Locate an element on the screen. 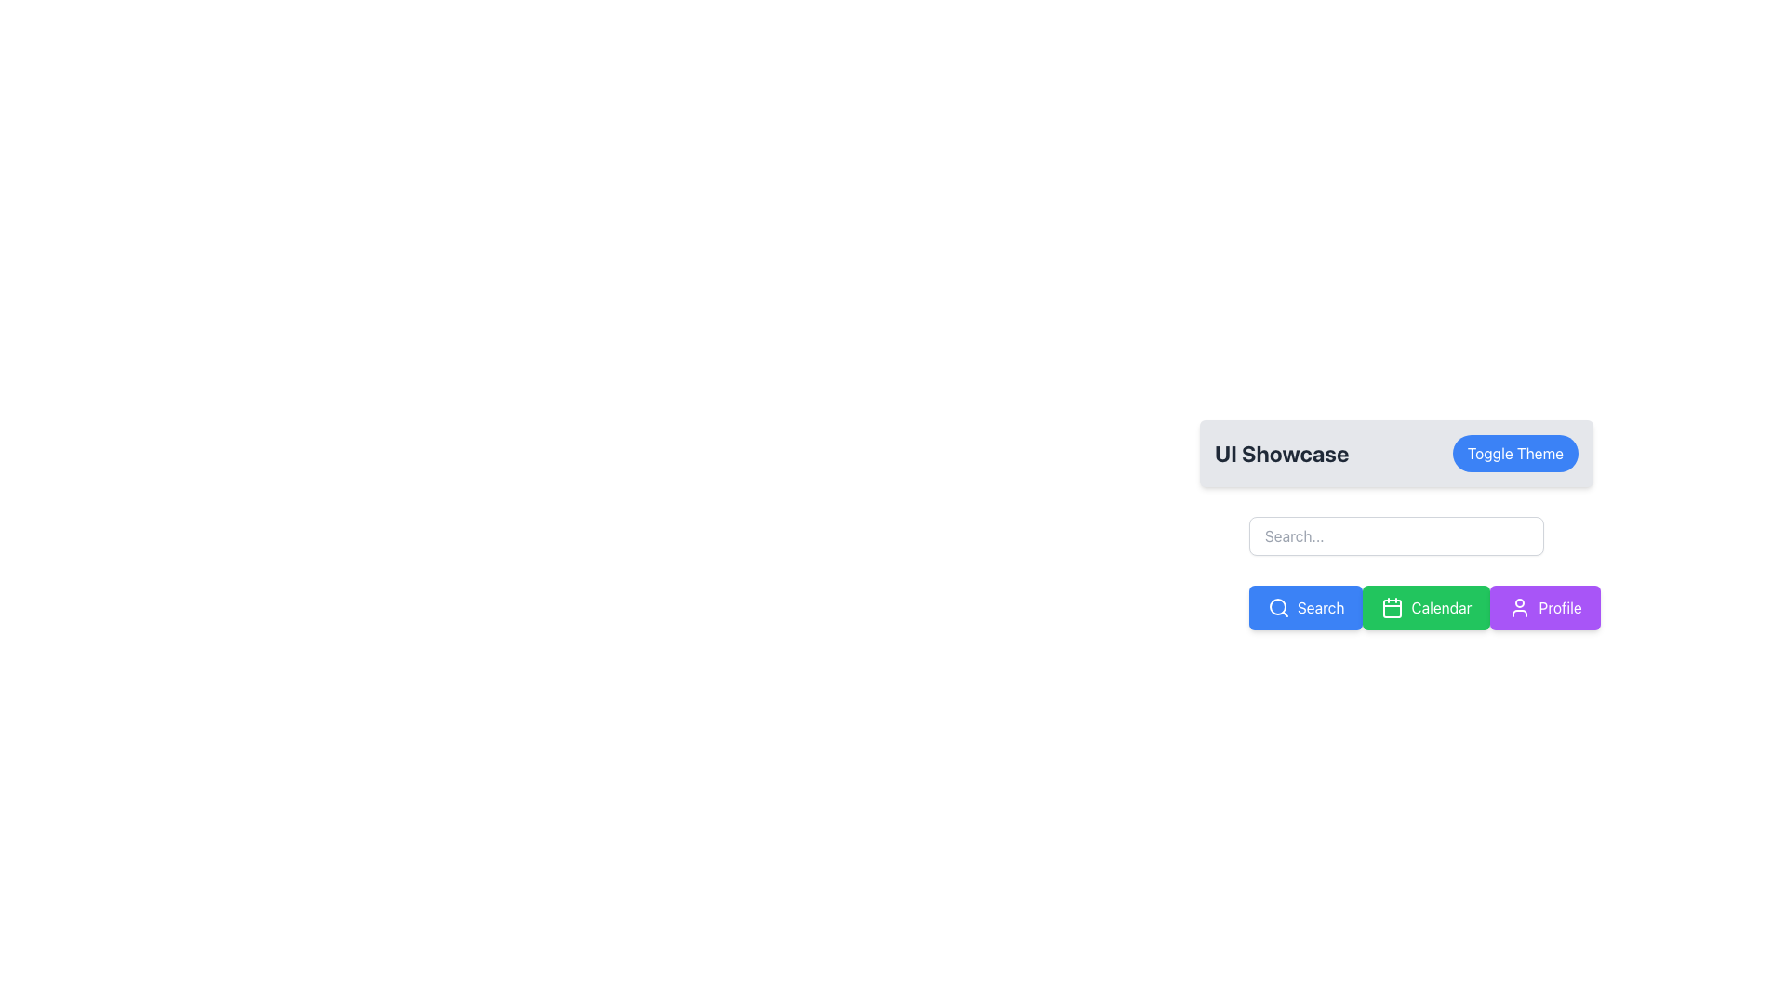 The height and width of the screenshot is (1004, 1786). the green rectangular 'Calendar' button with a white calendar icon and text is located at coordinates (1396, 608).